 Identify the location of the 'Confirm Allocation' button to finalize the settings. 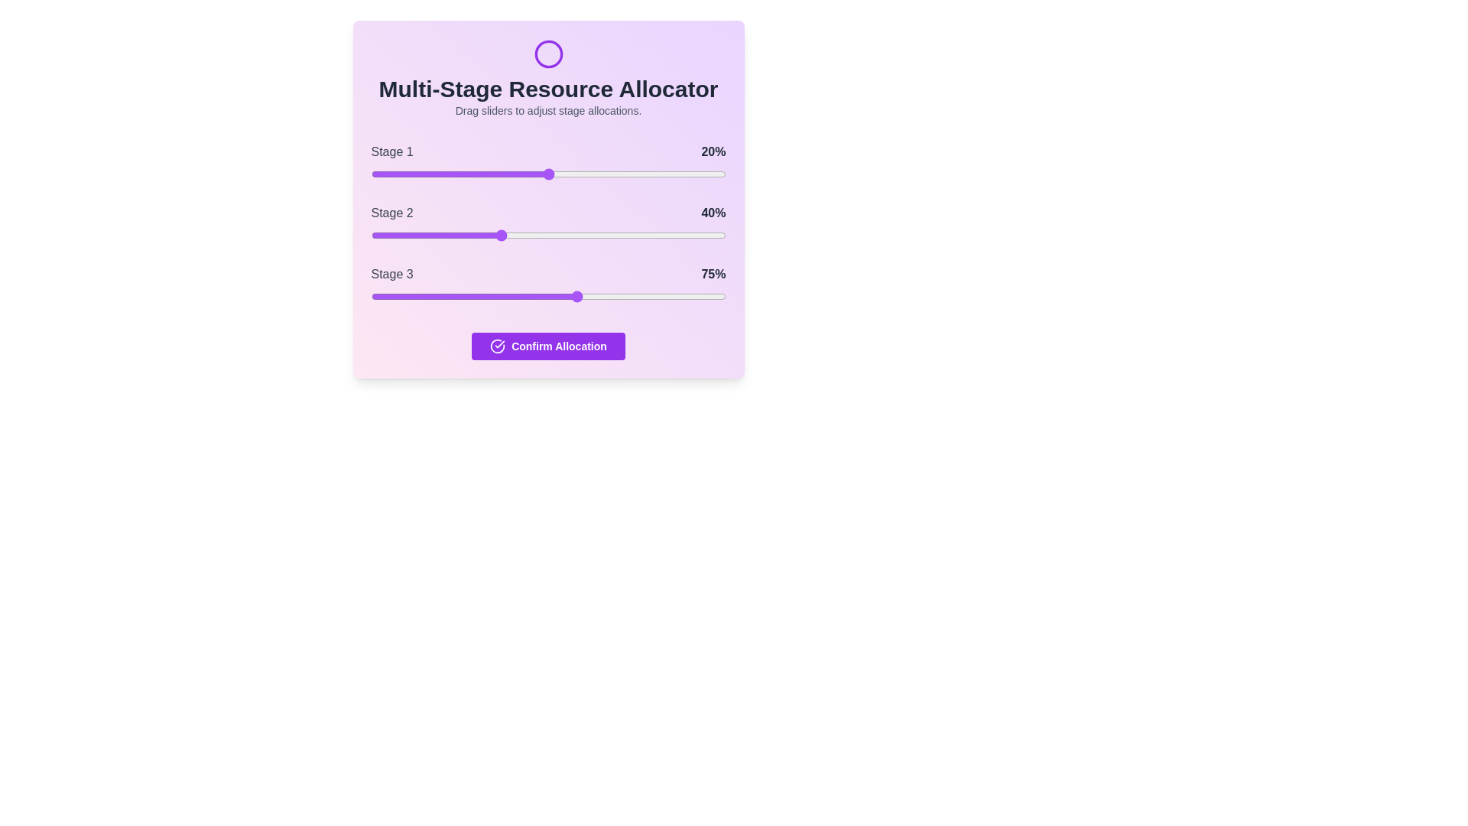
(548, 346).